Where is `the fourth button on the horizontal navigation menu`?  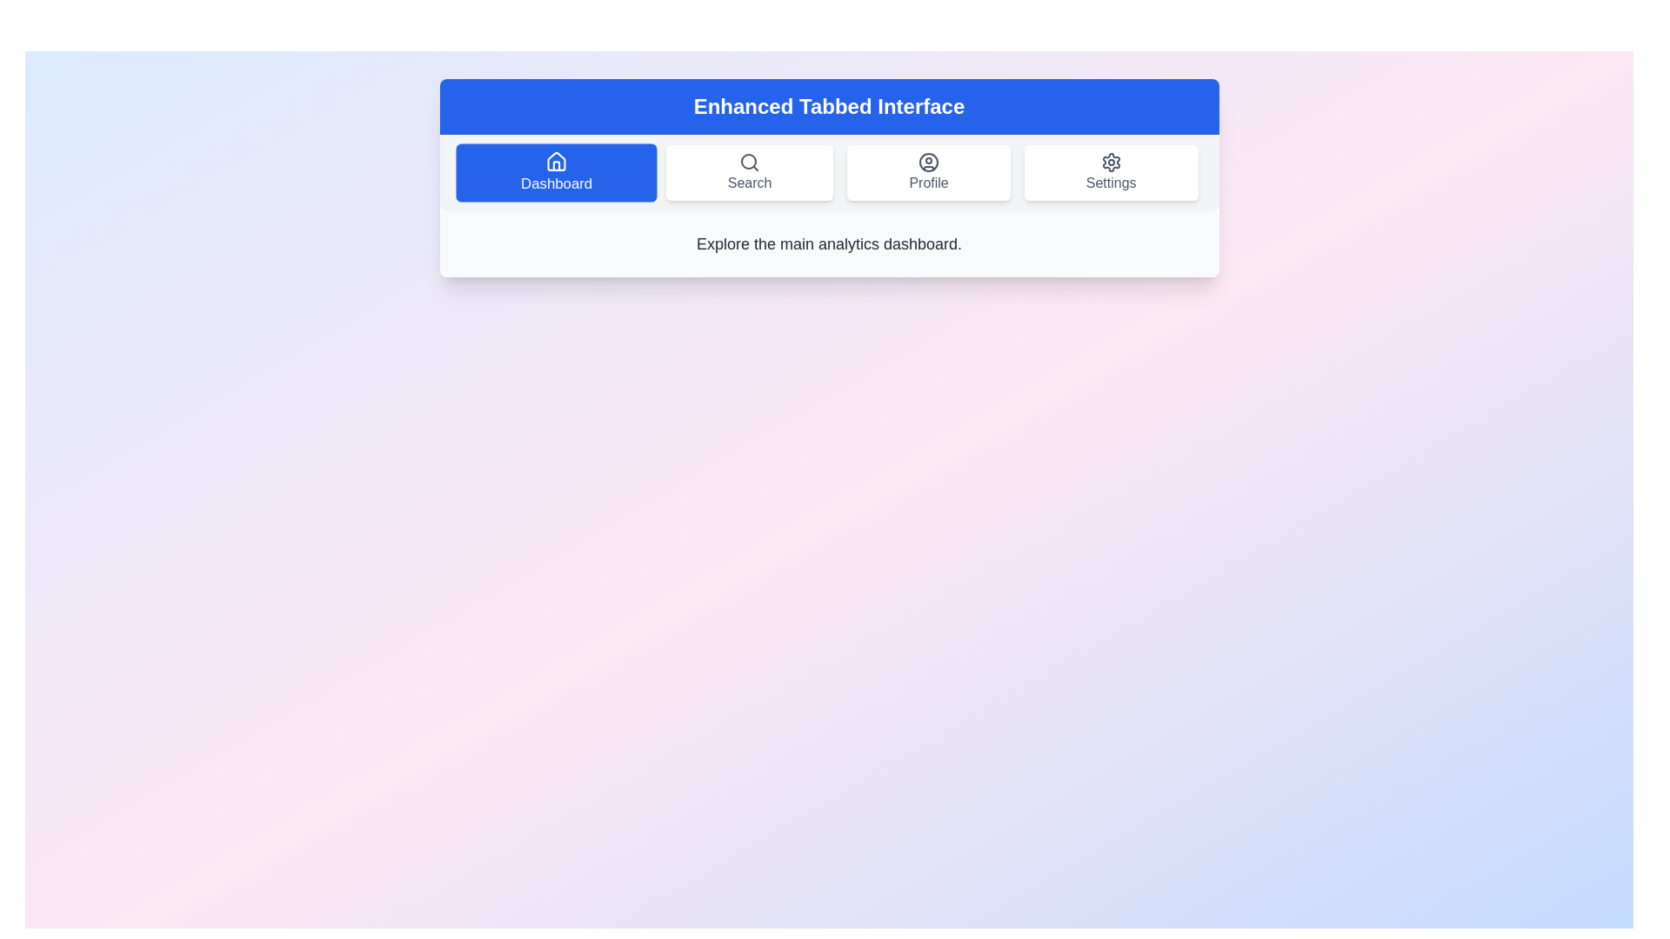
the fourth button on the horizontal navigation menu is located at coordinates (1110, 173).